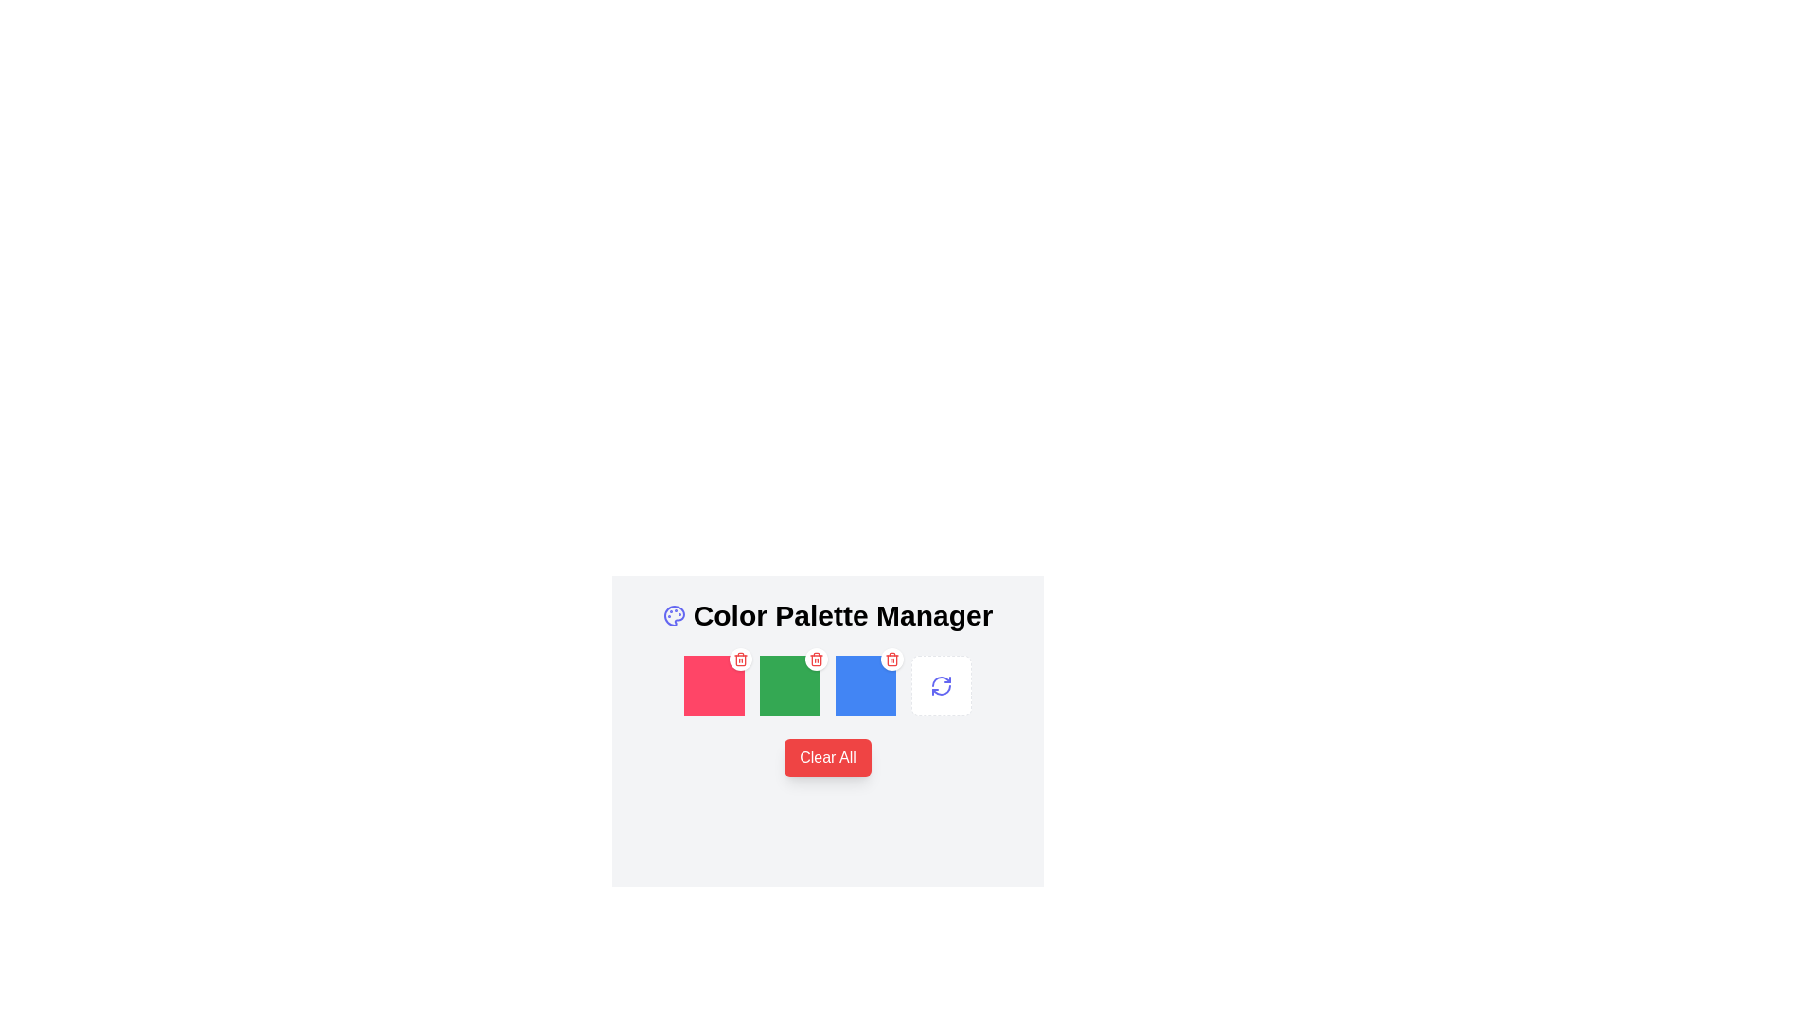 Image resolution: width=1817 pixels, height=1022 pixels. I want to click on the first color swatch with a bright pink-red background located below the 'Color Palette Manager' heading, so click(713, 686).